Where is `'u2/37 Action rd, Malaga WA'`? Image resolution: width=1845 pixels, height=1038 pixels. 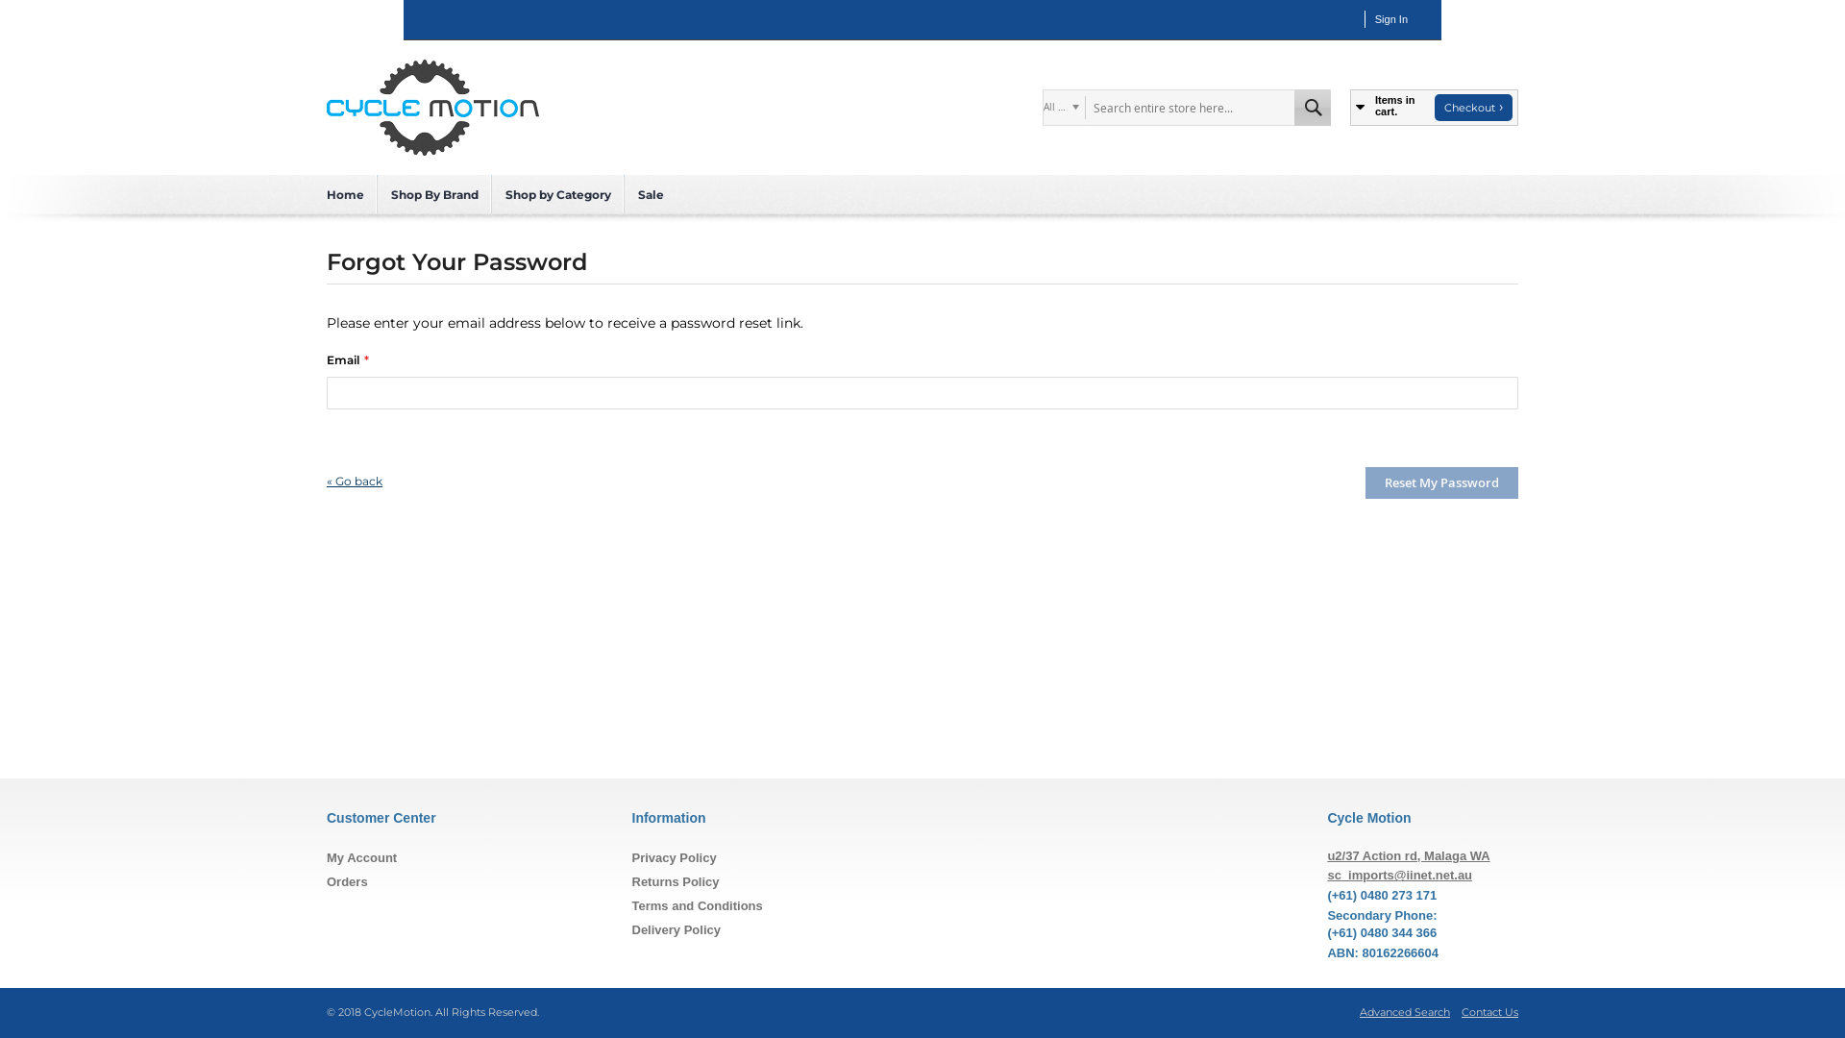 'u2/37 Action rd, Malaga WA' is located at coordinates (1326, 854).